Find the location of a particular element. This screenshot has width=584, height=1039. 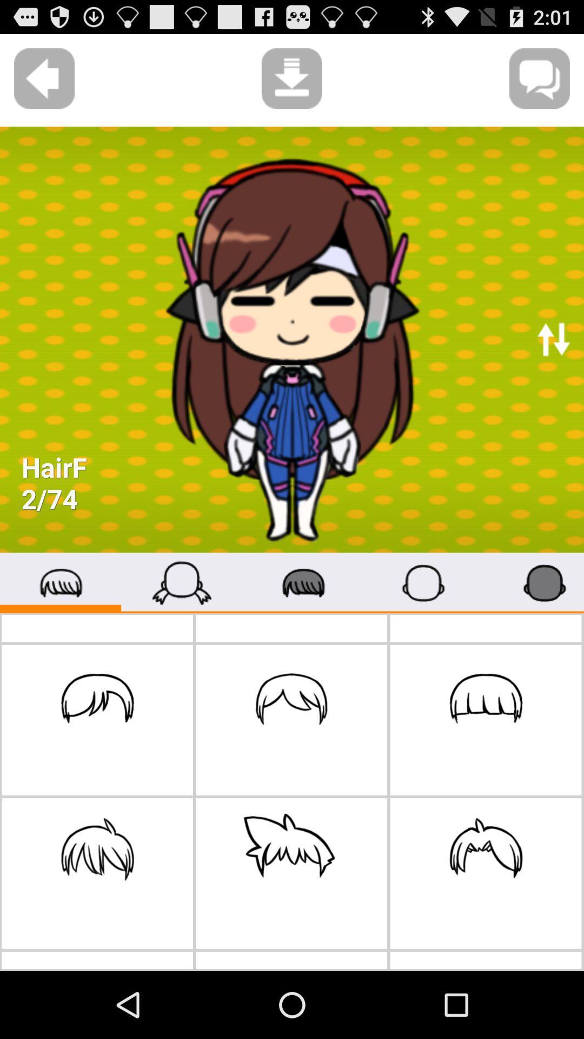

the arrow_backward icon is located at coordinates (44, 83).